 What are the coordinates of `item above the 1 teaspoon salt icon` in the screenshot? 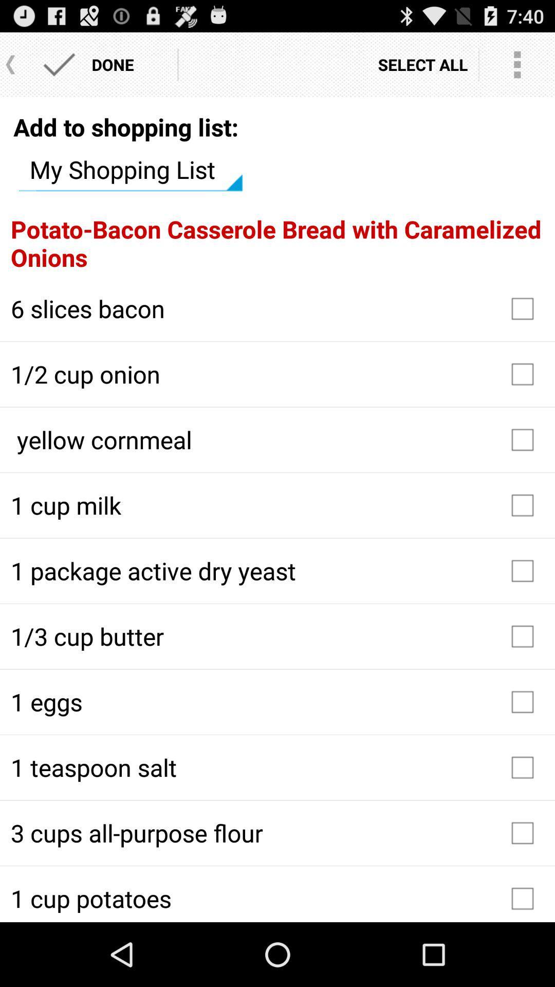 It's located at (277, 701).